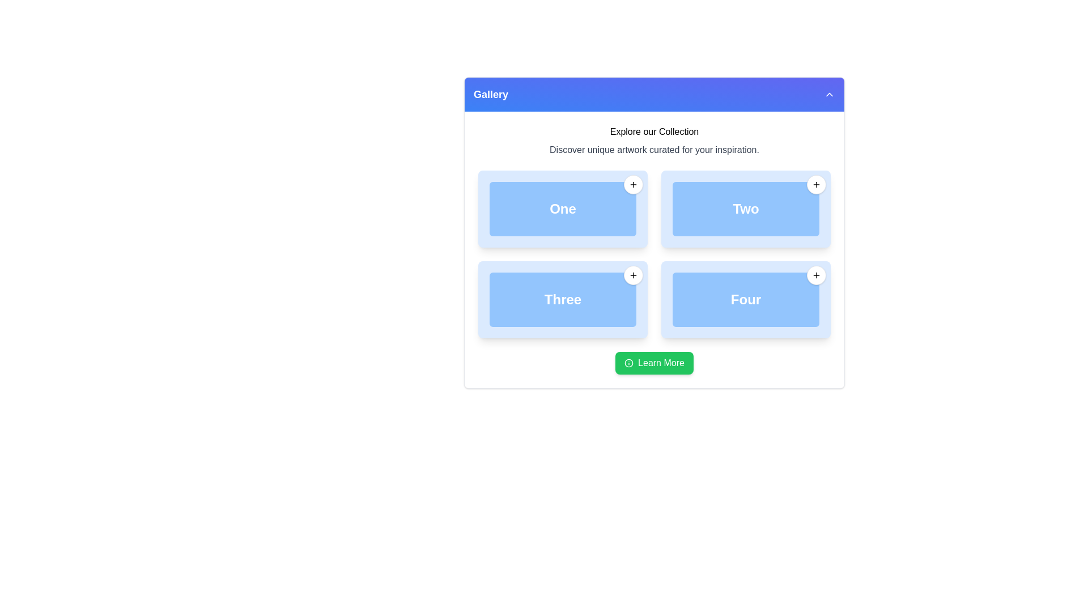 The width and height of the screenshot is (1088, 612). I want to click on the 'Learn More' button with a green background and white text, so click(654, 363).